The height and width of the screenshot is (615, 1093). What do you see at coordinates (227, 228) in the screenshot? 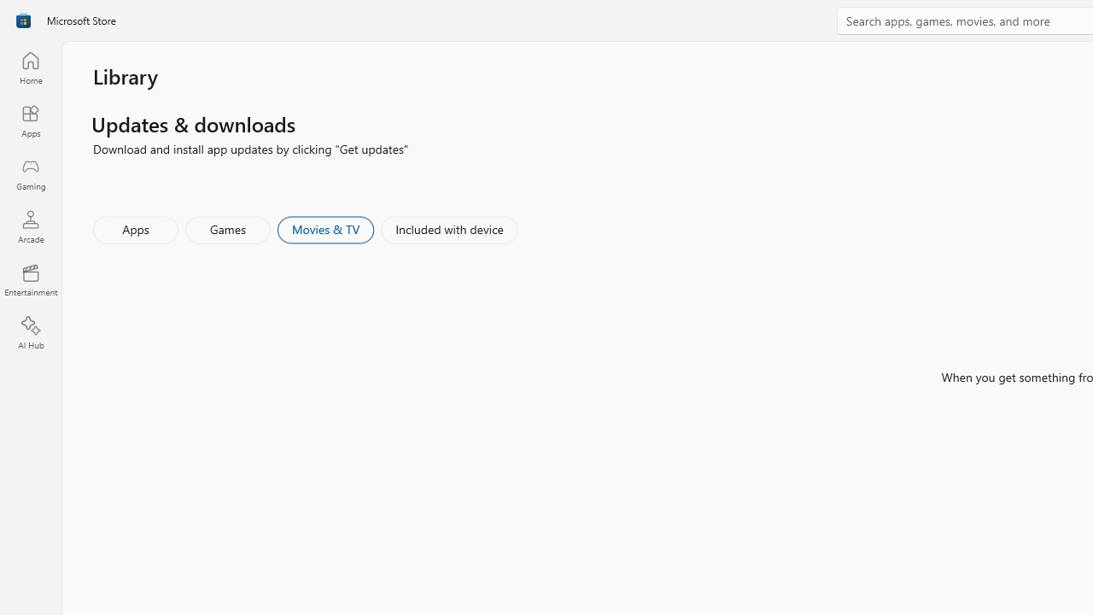
I see `'Games'` at bounding box center [227, 228].